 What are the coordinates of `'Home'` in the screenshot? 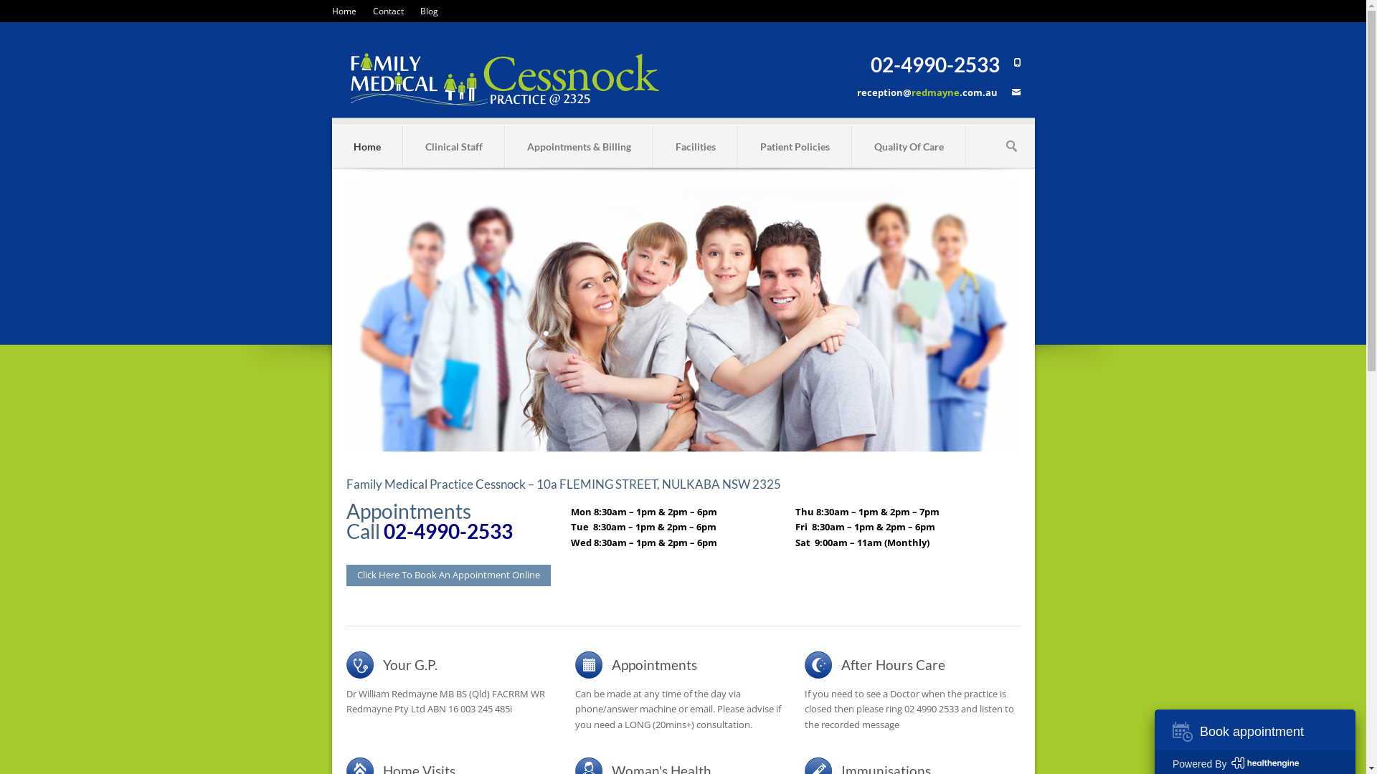 It's located at (366, 146).